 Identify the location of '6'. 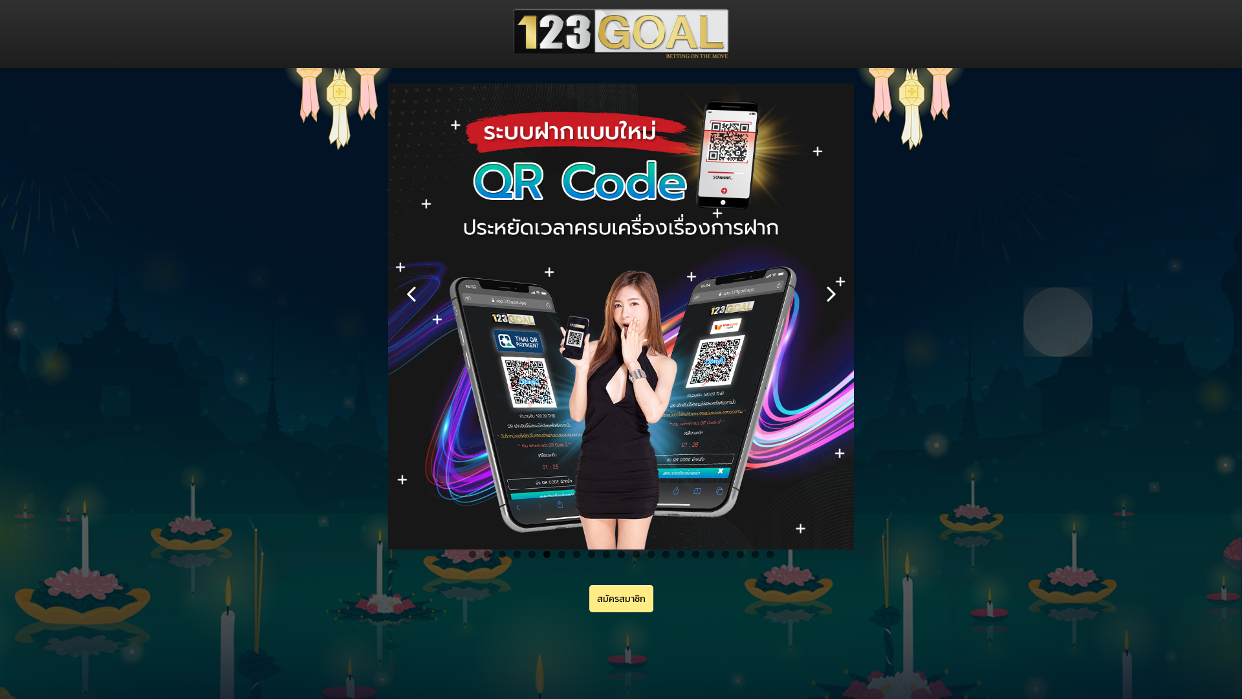
(547, 553).